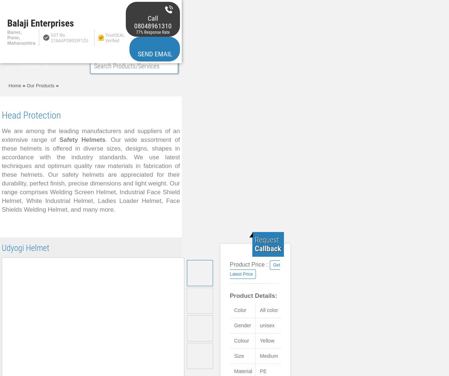  Describe the element at coordinates (259, 371) in the screenshot. I see `'PE'` at that location.